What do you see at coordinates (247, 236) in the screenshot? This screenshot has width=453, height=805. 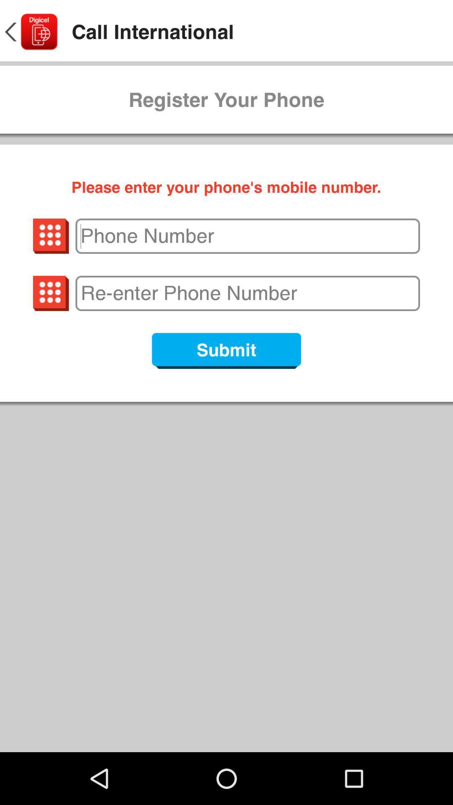 I see `phone number` at bounding box center [247, 236].